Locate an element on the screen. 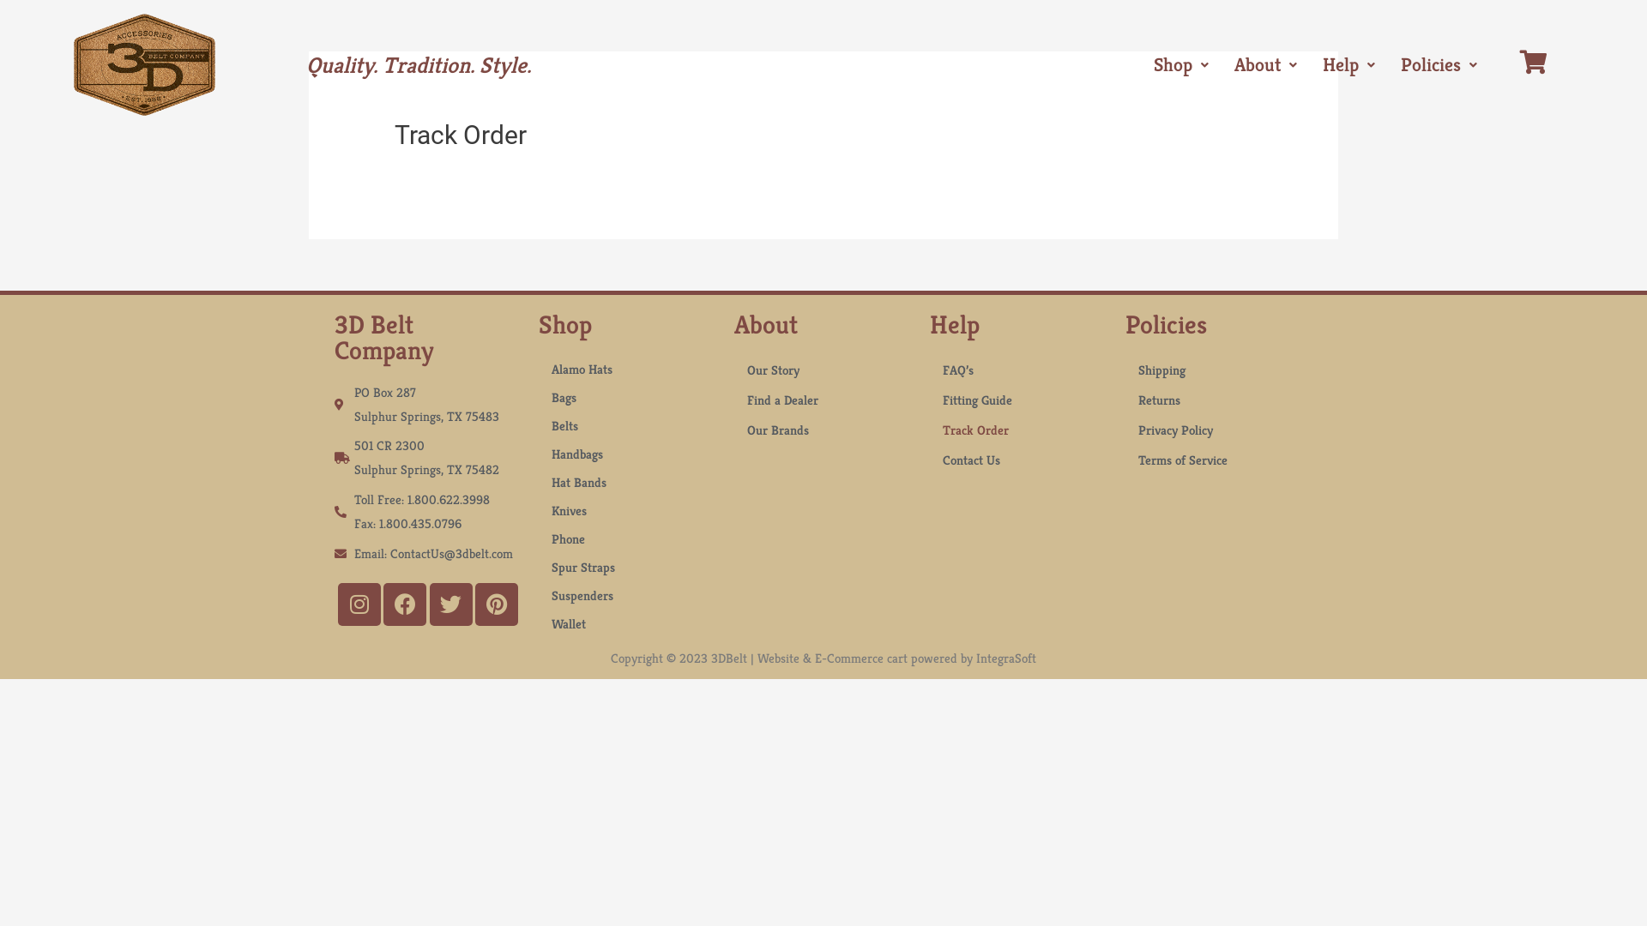  'Track Order' is located at coordinates (929, 429).